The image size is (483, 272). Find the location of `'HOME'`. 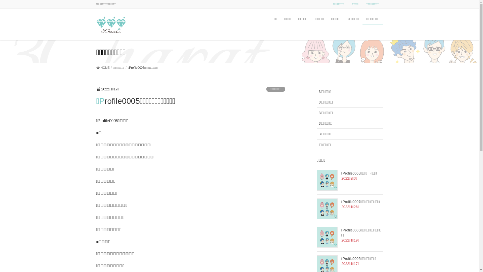

'HOME' is located at coordinates (102, 67).